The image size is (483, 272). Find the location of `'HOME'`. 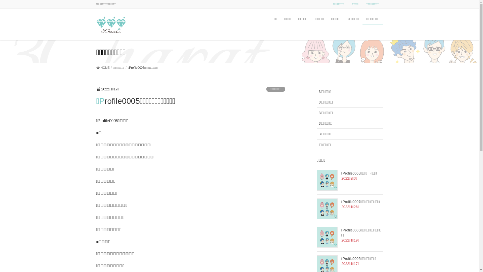

'HOME' is located at coordinates (102, 67).